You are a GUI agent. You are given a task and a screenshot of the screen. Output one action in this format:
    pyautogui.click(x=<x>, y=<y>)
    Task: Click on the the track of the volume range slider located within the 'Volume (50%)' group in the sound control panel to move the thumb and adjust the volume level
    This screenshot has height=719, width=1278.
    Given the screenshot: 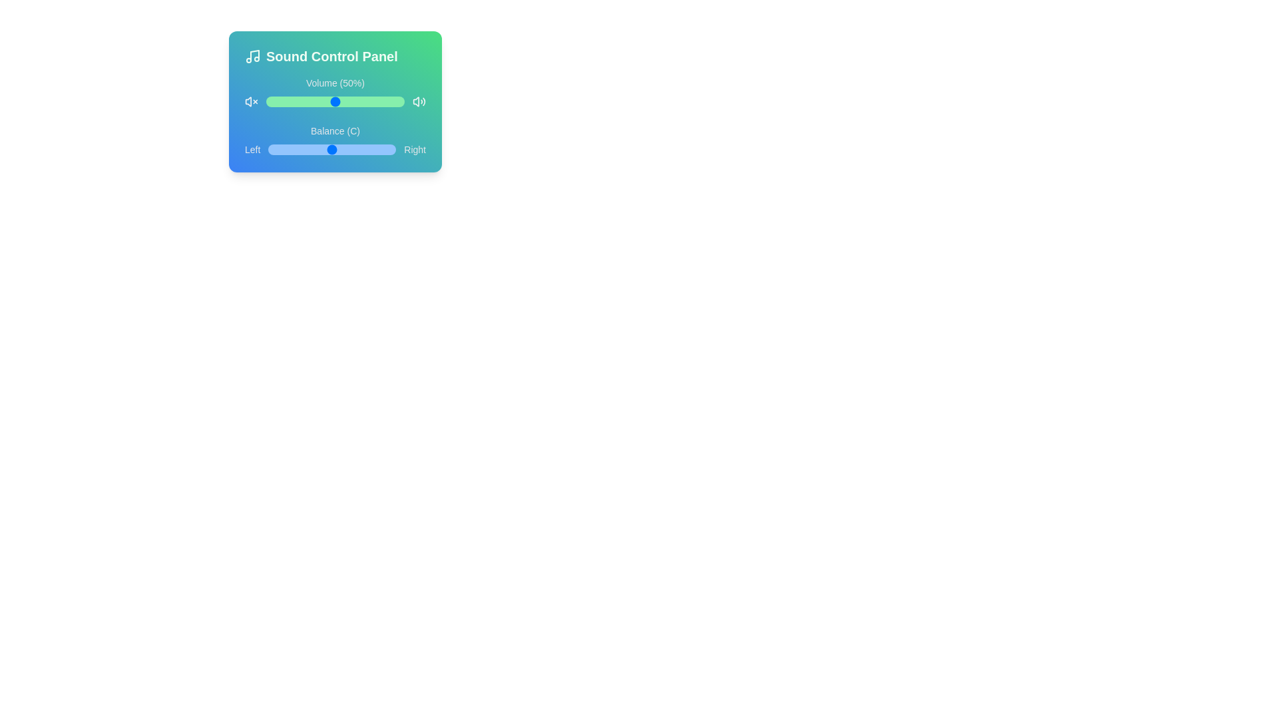 What is the action you would take?
    pyautogui.click(x=335, y=101)
    